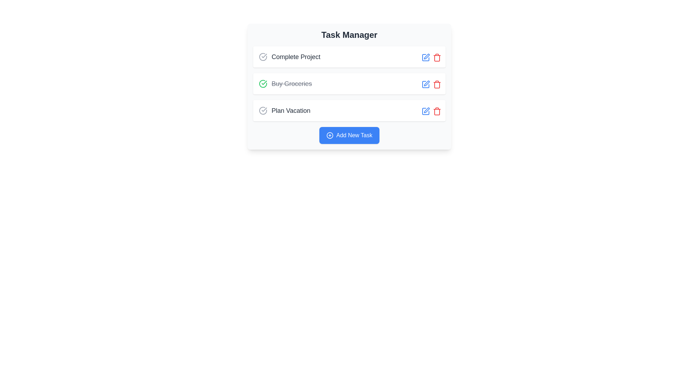 This screenshot has width=679, height=382. Describe the element at coordinates (263, 83) in the screenshot. I see `the toggle button that marks the task as completed, located to the left of the 'Buy Groceries' text` at that location.